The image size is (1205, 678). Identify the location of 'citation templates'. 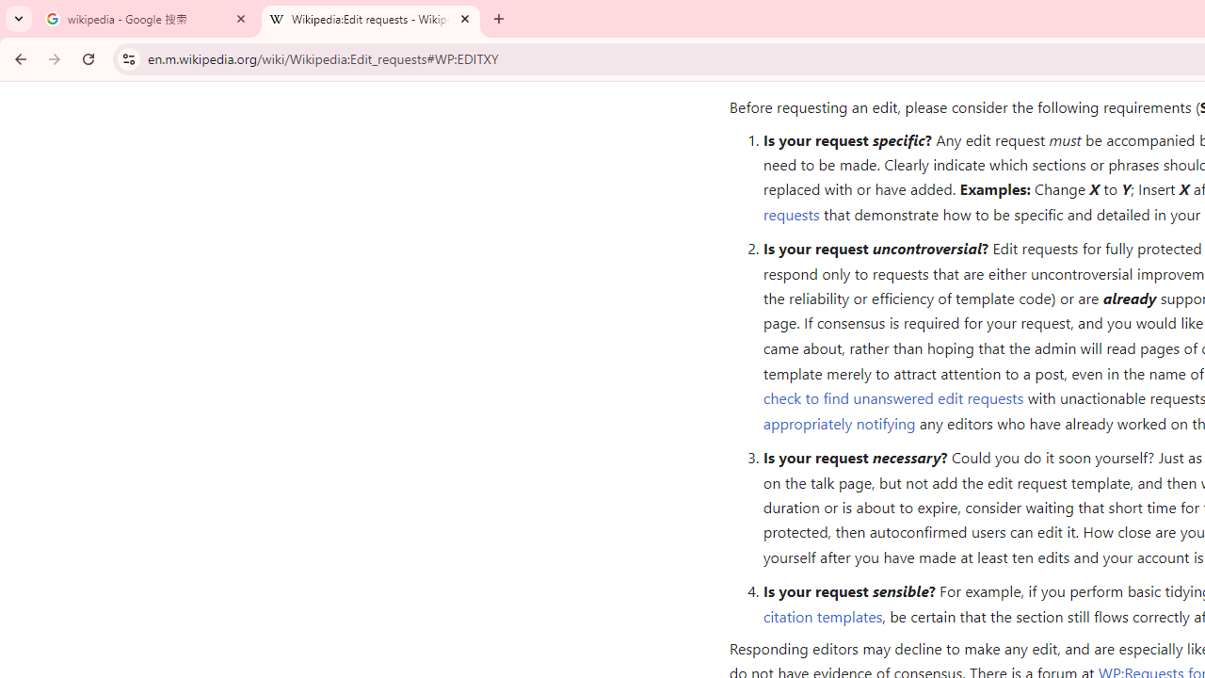
(823, 616).